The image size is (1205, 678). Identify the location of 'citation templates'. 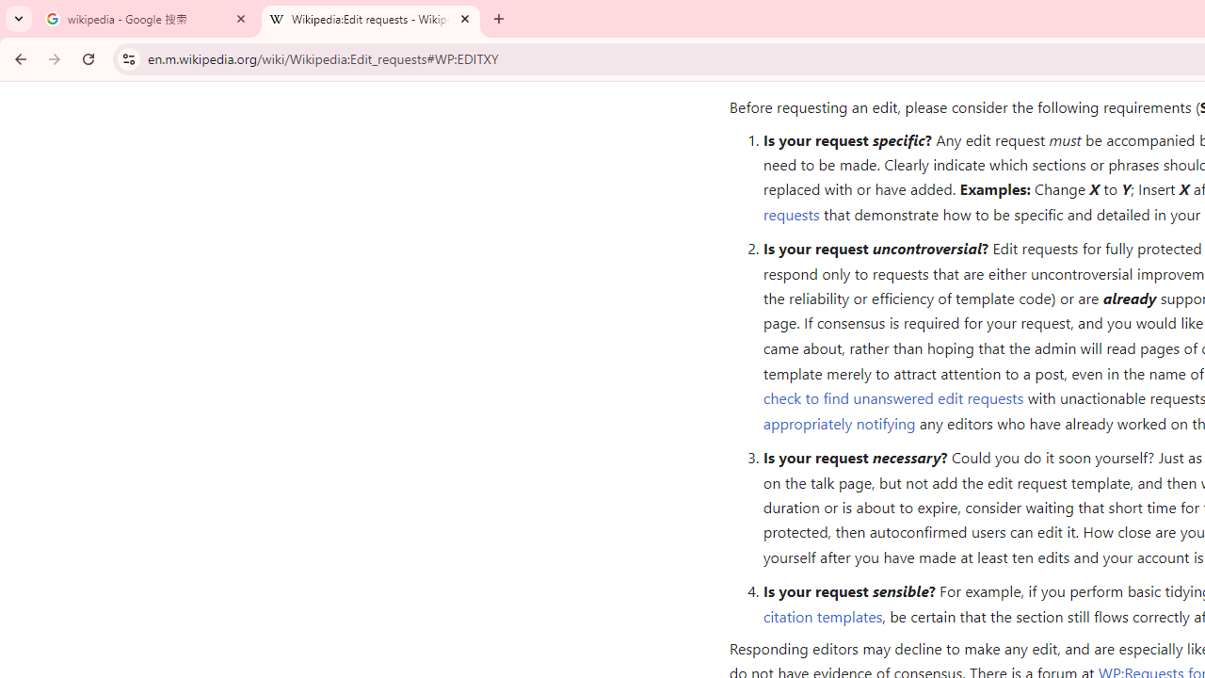
(823, 616).